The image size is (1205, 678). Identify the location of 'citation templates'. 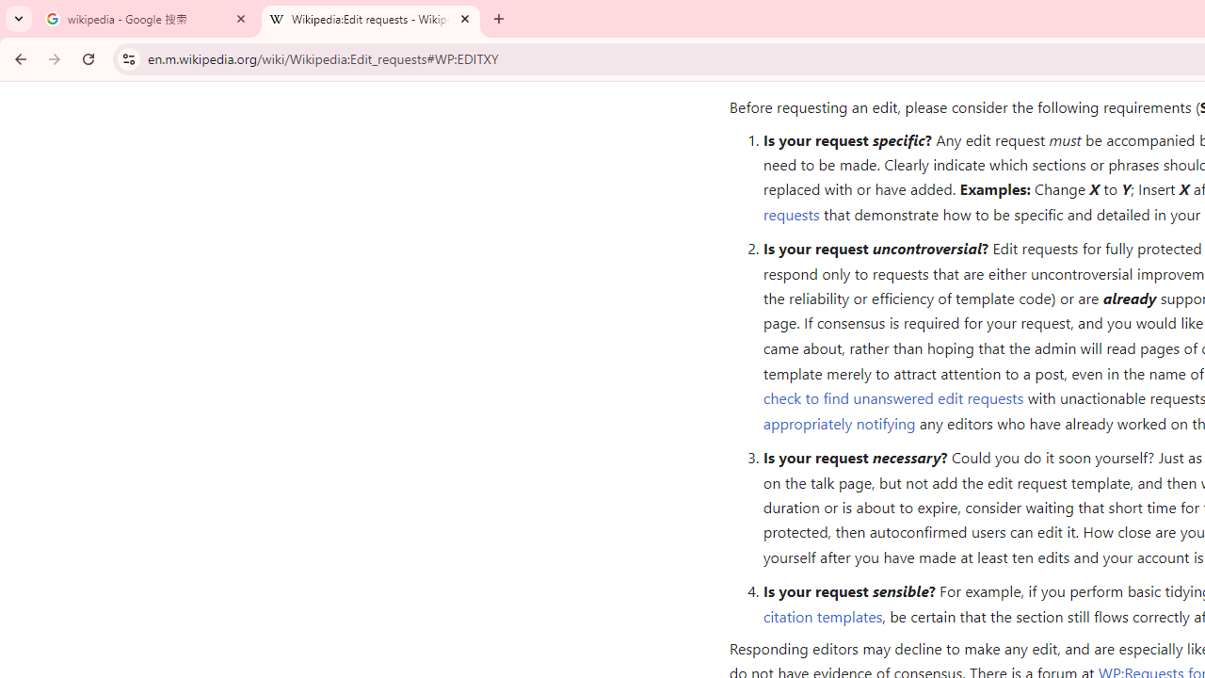
(823, 616).